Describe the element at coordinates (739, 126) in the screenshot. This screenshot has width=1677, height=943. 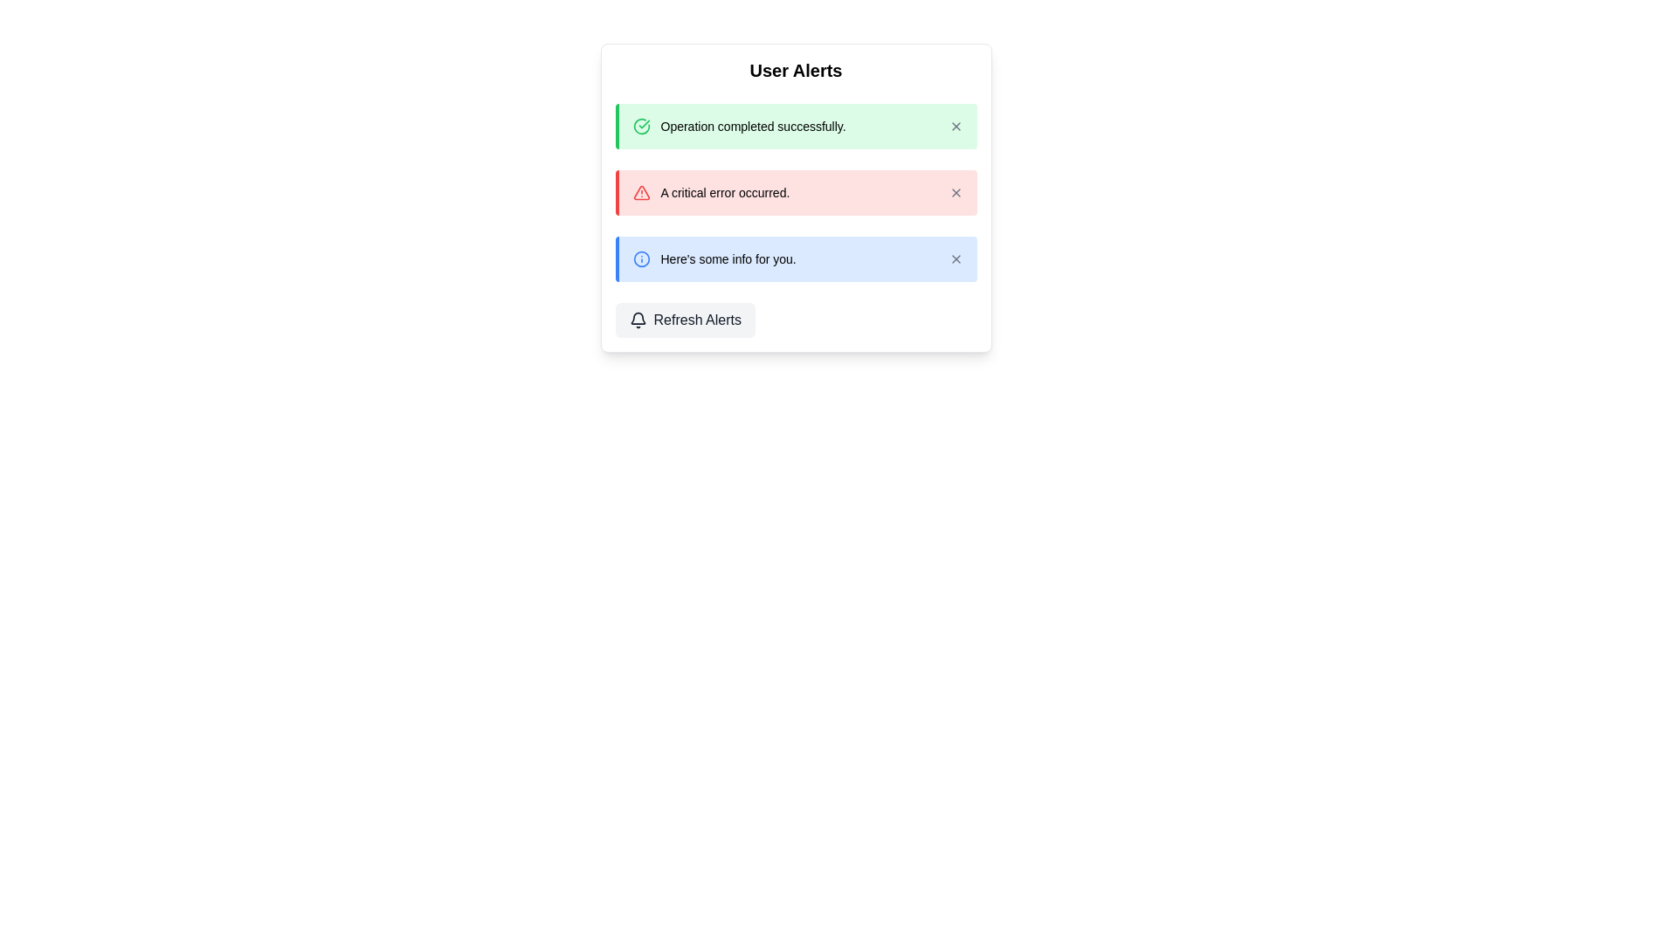
I see `status message displayed at the top of the notification area, which indicates a successful operation with an icon and text` at that location.